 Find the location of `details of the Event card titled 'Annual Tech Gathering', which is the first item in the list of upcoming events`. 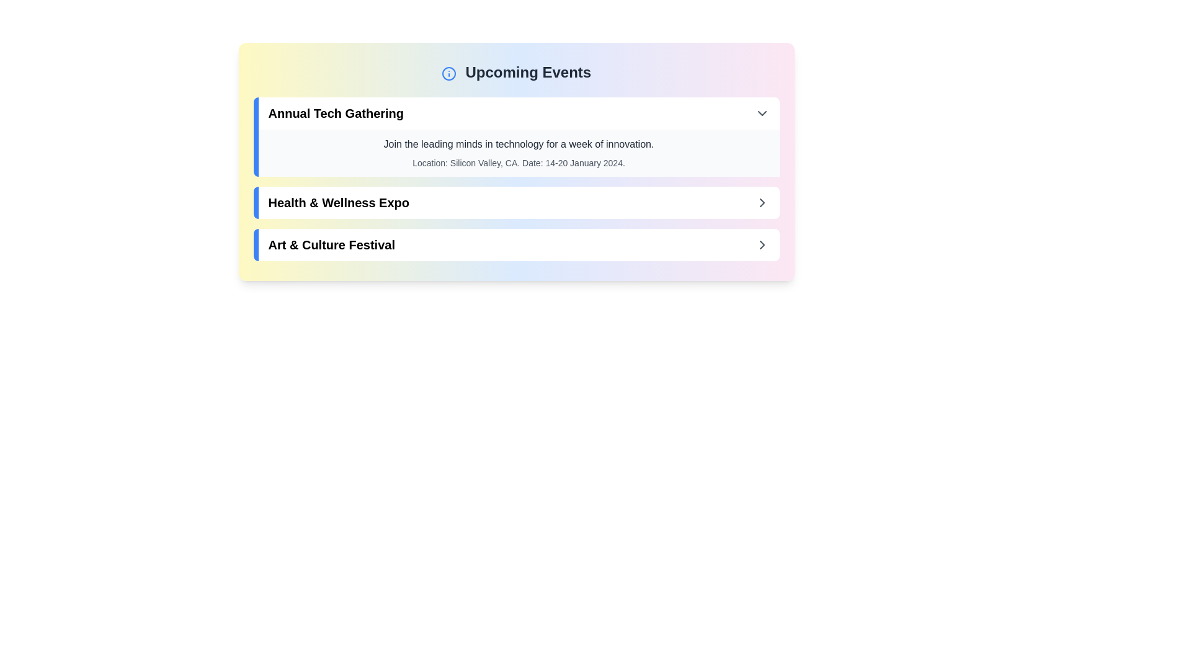

details of the Event card titled 'Annual Tech Gathering', which is the first item in the list of upcoming events is located at coordinates (516, 136).